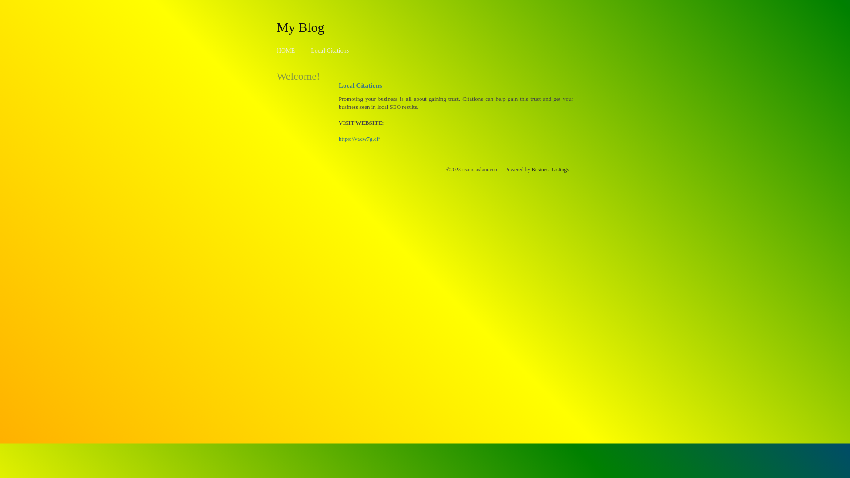 The width and height of the screenshot is (850, 478). Describe the element at coordinates (300, 27) in the screenshot. I see `'My Blog'` at that location.